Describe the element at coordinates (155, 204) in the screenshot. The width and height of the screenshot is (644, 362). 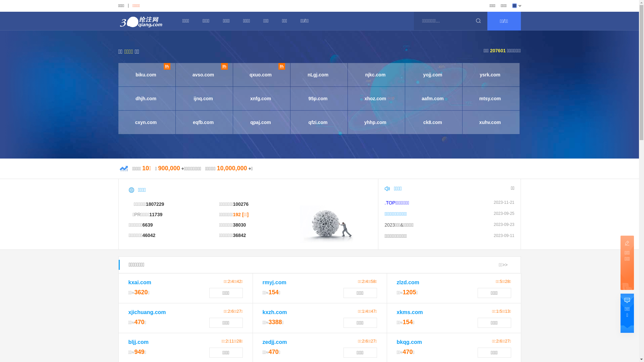
I see `'1807229'` at that location.